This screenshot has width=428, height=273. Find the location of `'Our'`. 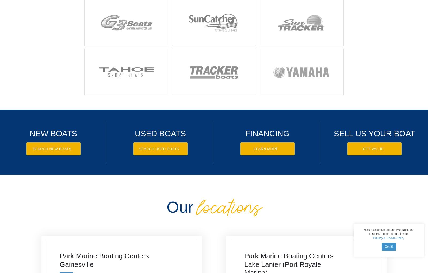

'Our' is located at coordinates (180, 207).